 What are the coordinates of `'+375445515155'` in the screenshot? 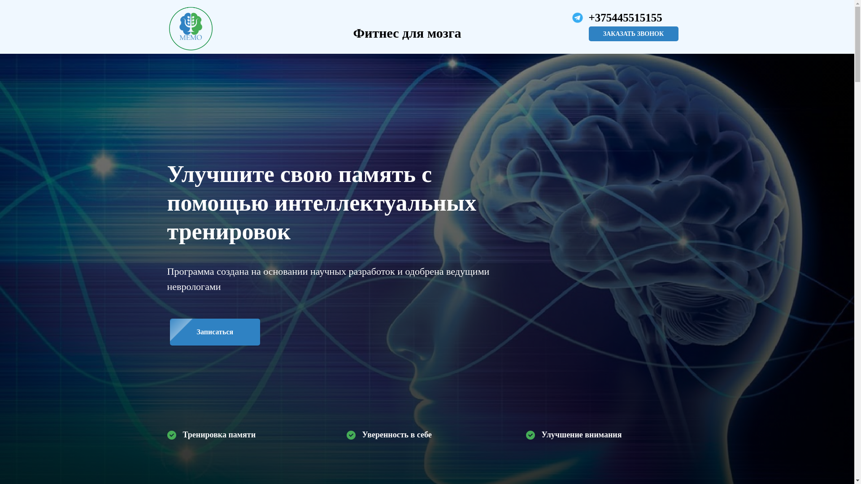 It's located at (624, 17).